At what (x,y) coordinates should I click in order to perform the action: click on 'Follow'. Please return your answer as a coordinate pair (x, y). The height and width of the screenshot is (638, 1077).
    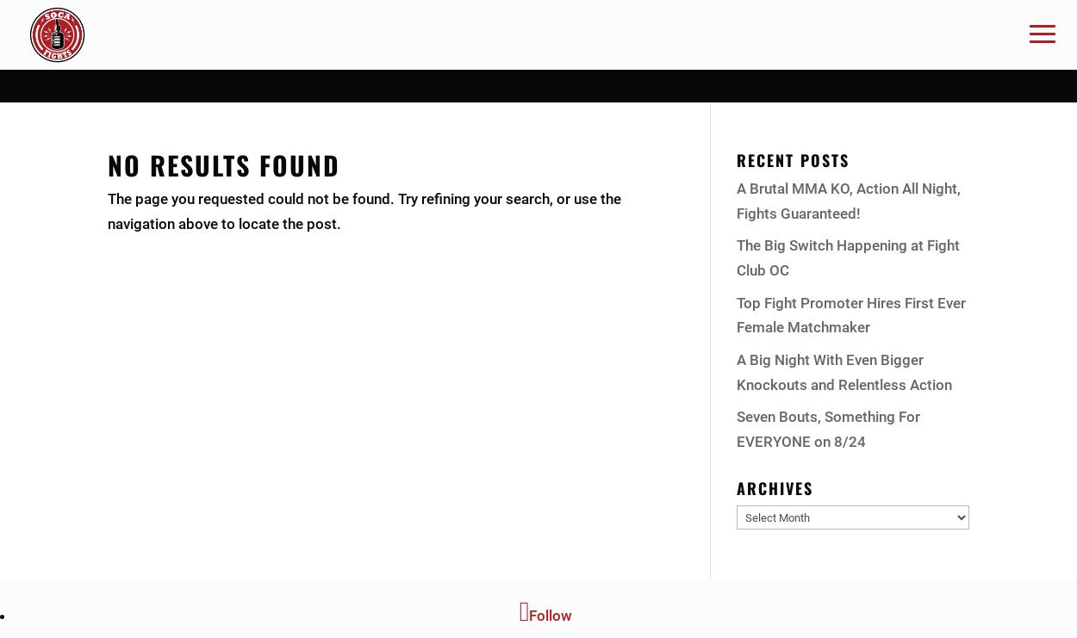
    Looking at the image, I should click on (551, 615).